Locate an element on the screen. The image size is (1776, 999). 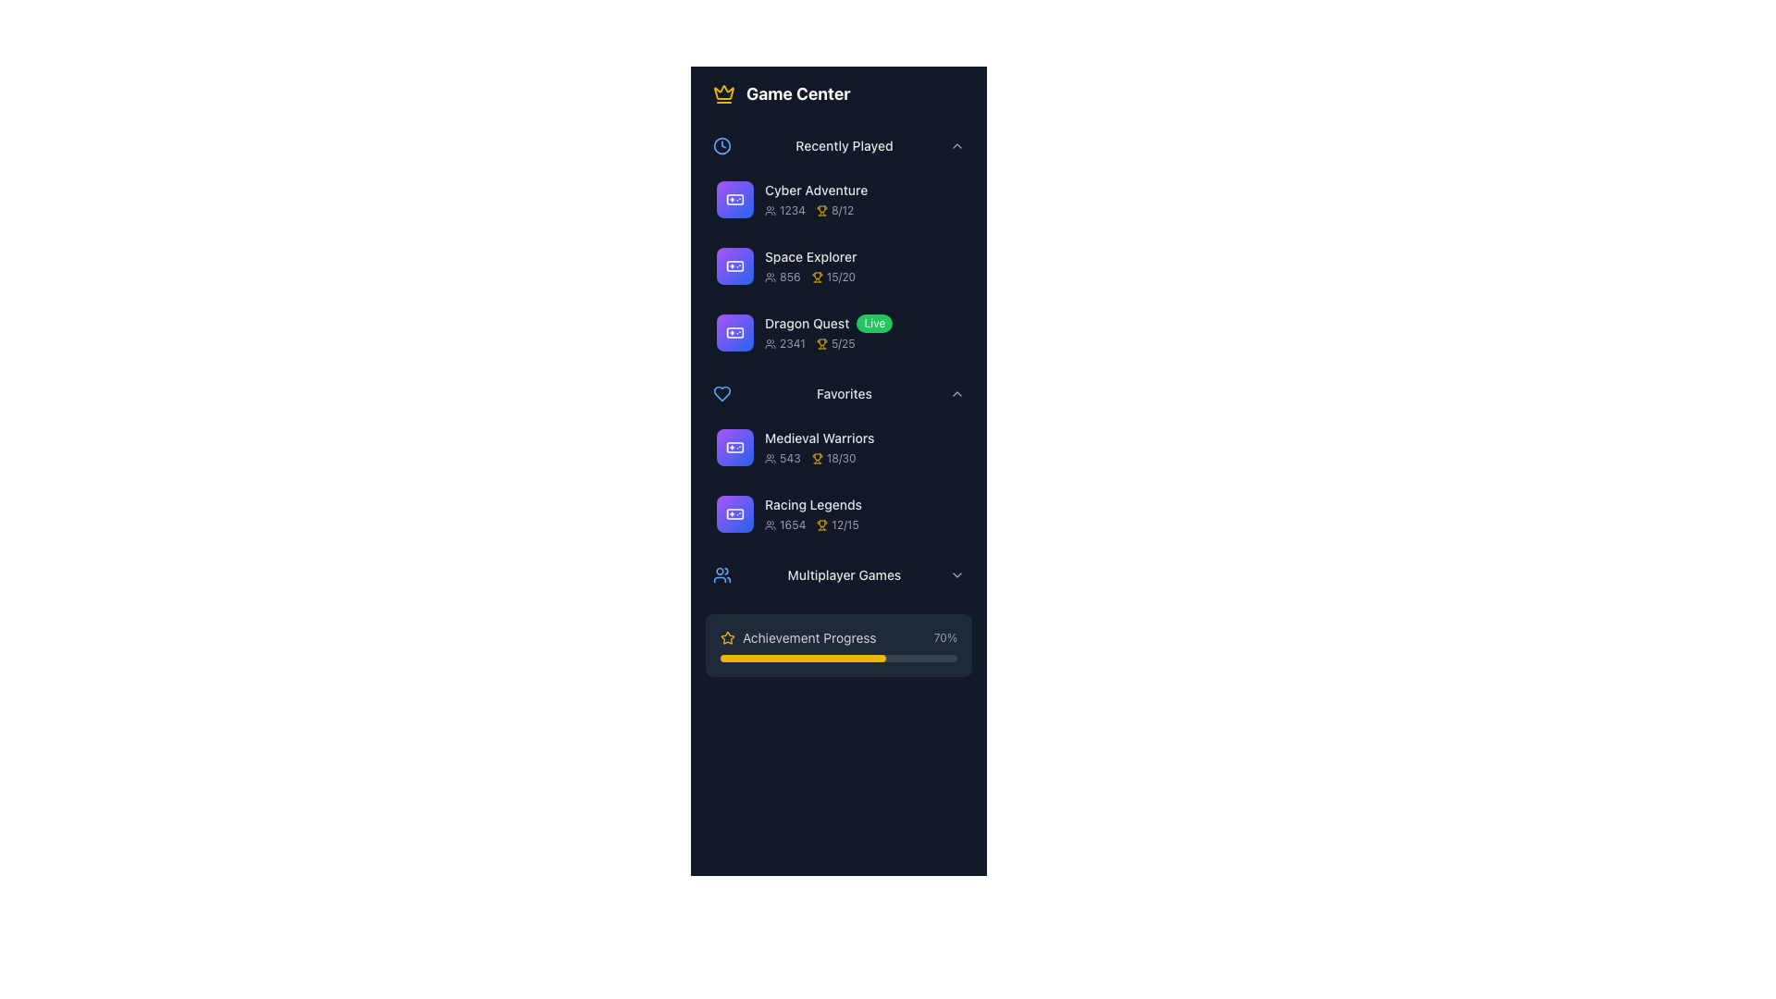
the Chevron (expand/collapse) icon is located at coordinates (957, 392).